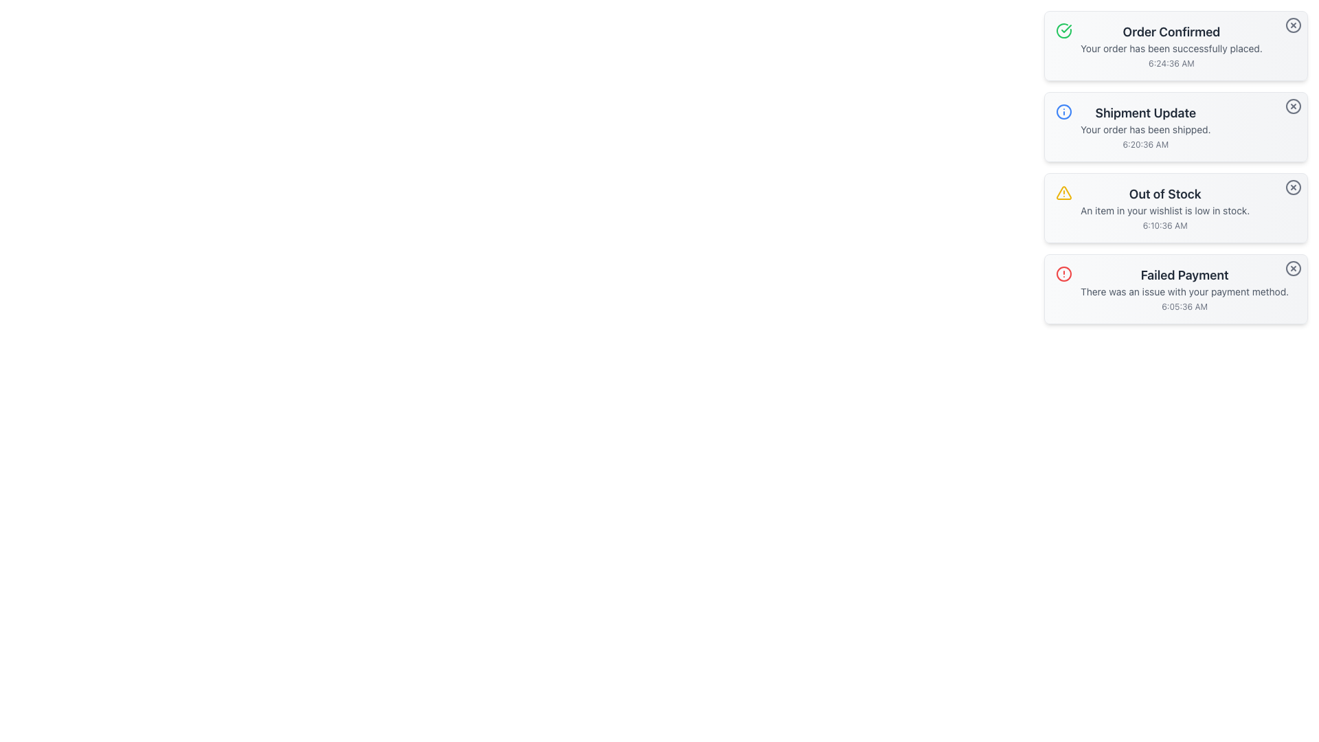  What do you see at coordinates (1292, 268) in the screenshot?
I see `the circular close button with a cross symbol located in the top-right corner of the 'Failed Payment' notification tile` at bounding box center [1292, 268].